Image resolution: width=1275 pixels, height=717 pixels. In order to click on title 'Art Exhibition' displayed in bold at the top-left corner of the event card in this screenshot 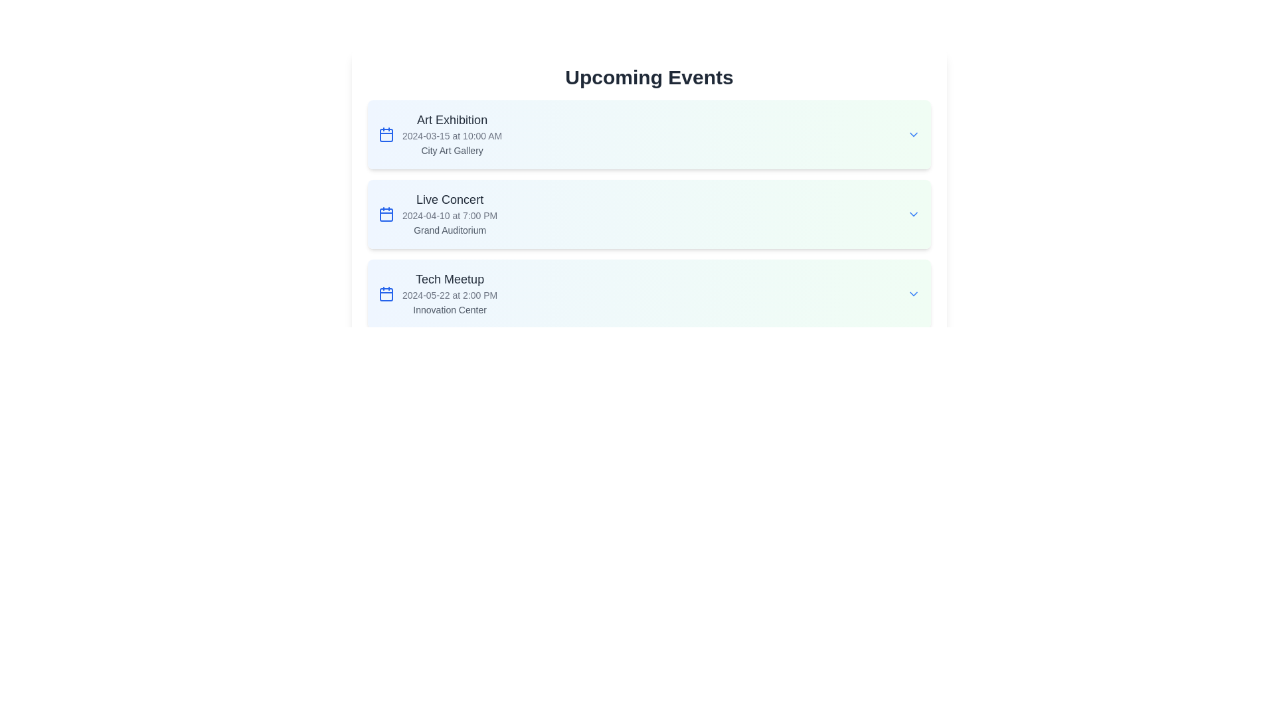, I will do `click(452, 120)`.